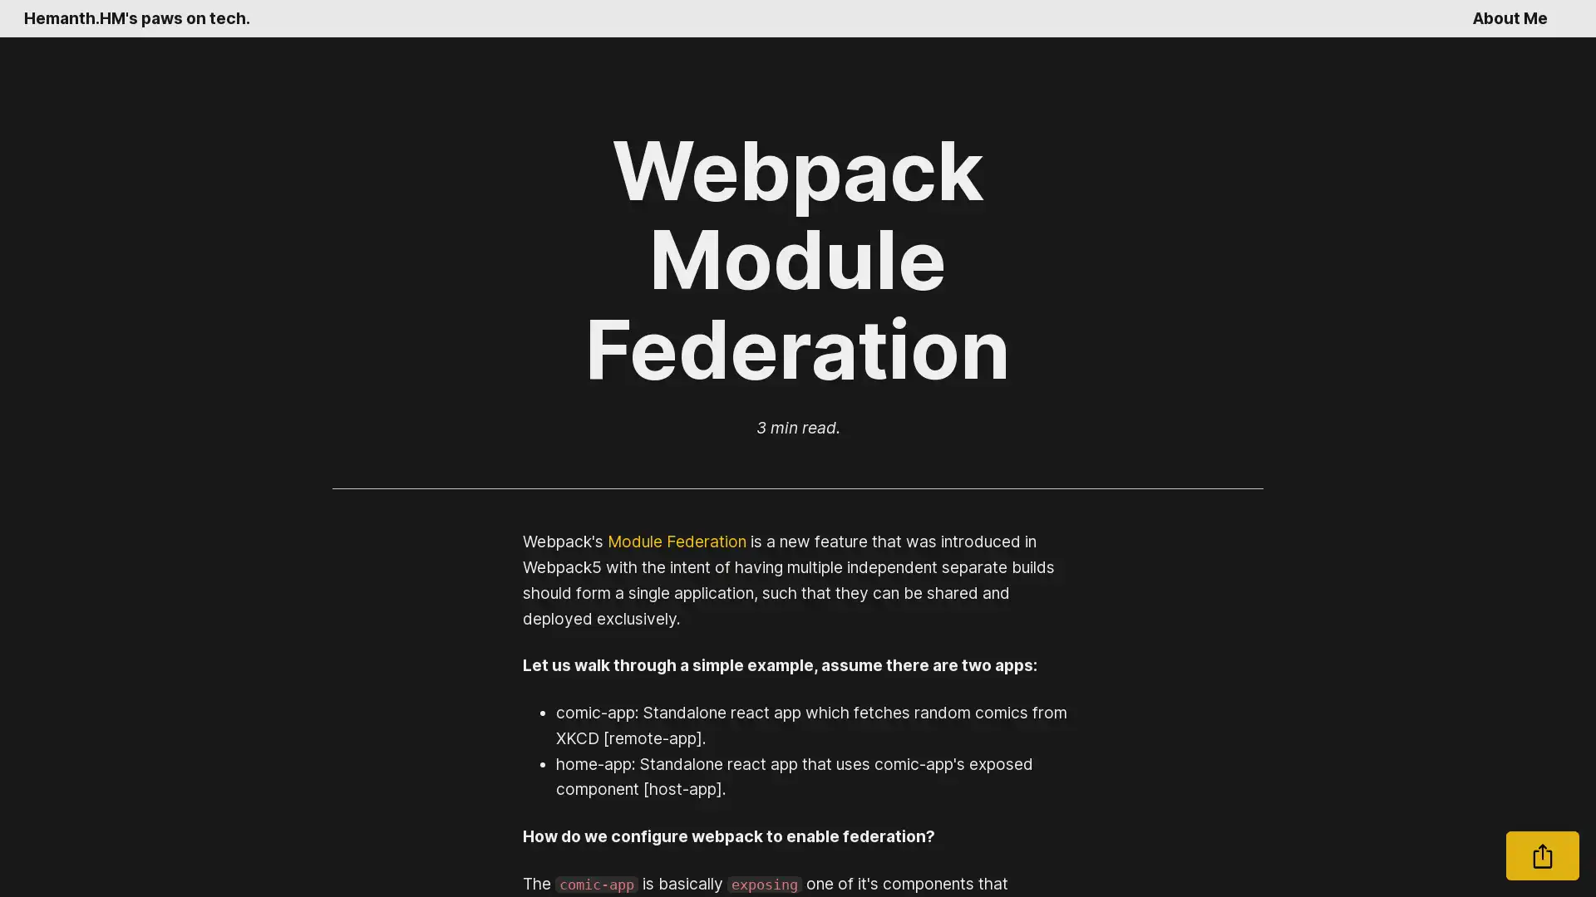  I want to click on Share, so click(1542, 855).